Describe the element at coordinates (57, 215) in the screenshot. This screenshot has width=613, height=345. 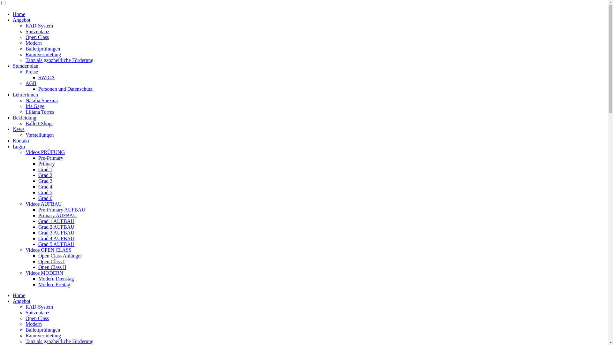
I see `'Primary AUFBAU'` at that location.